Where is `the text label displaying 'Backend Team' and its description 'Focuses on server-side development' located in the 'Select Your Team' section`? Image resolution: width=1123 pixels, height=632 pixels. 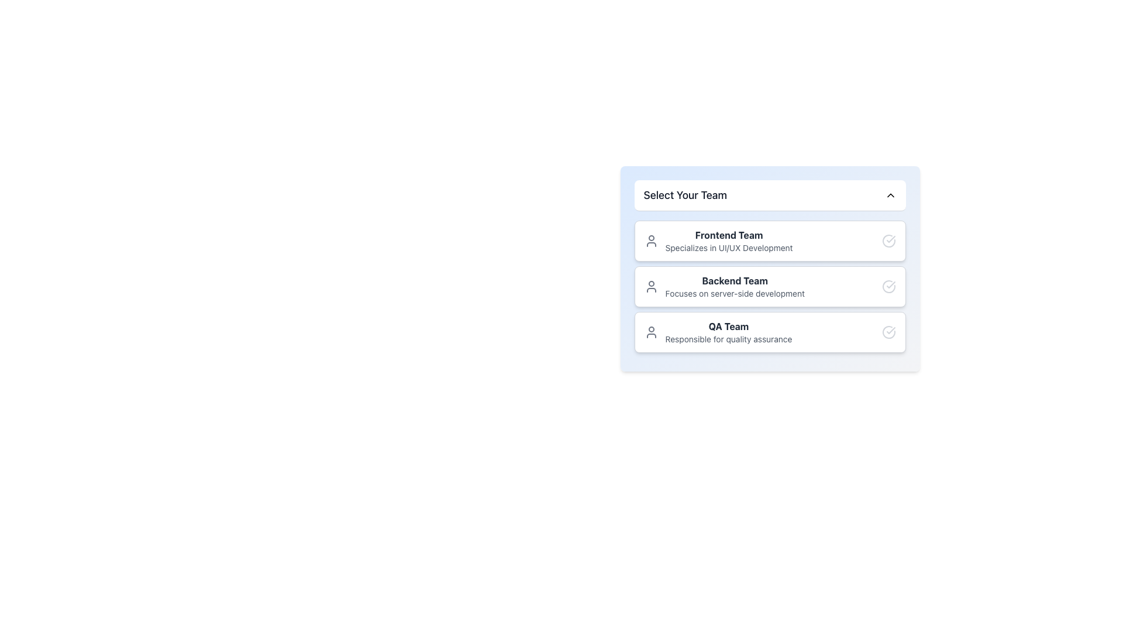
the text label displaying 'Backend Team' and its description 'Focuses on server-side development' located in the 'Select Your Team' section is located at coordinates (734, 286).